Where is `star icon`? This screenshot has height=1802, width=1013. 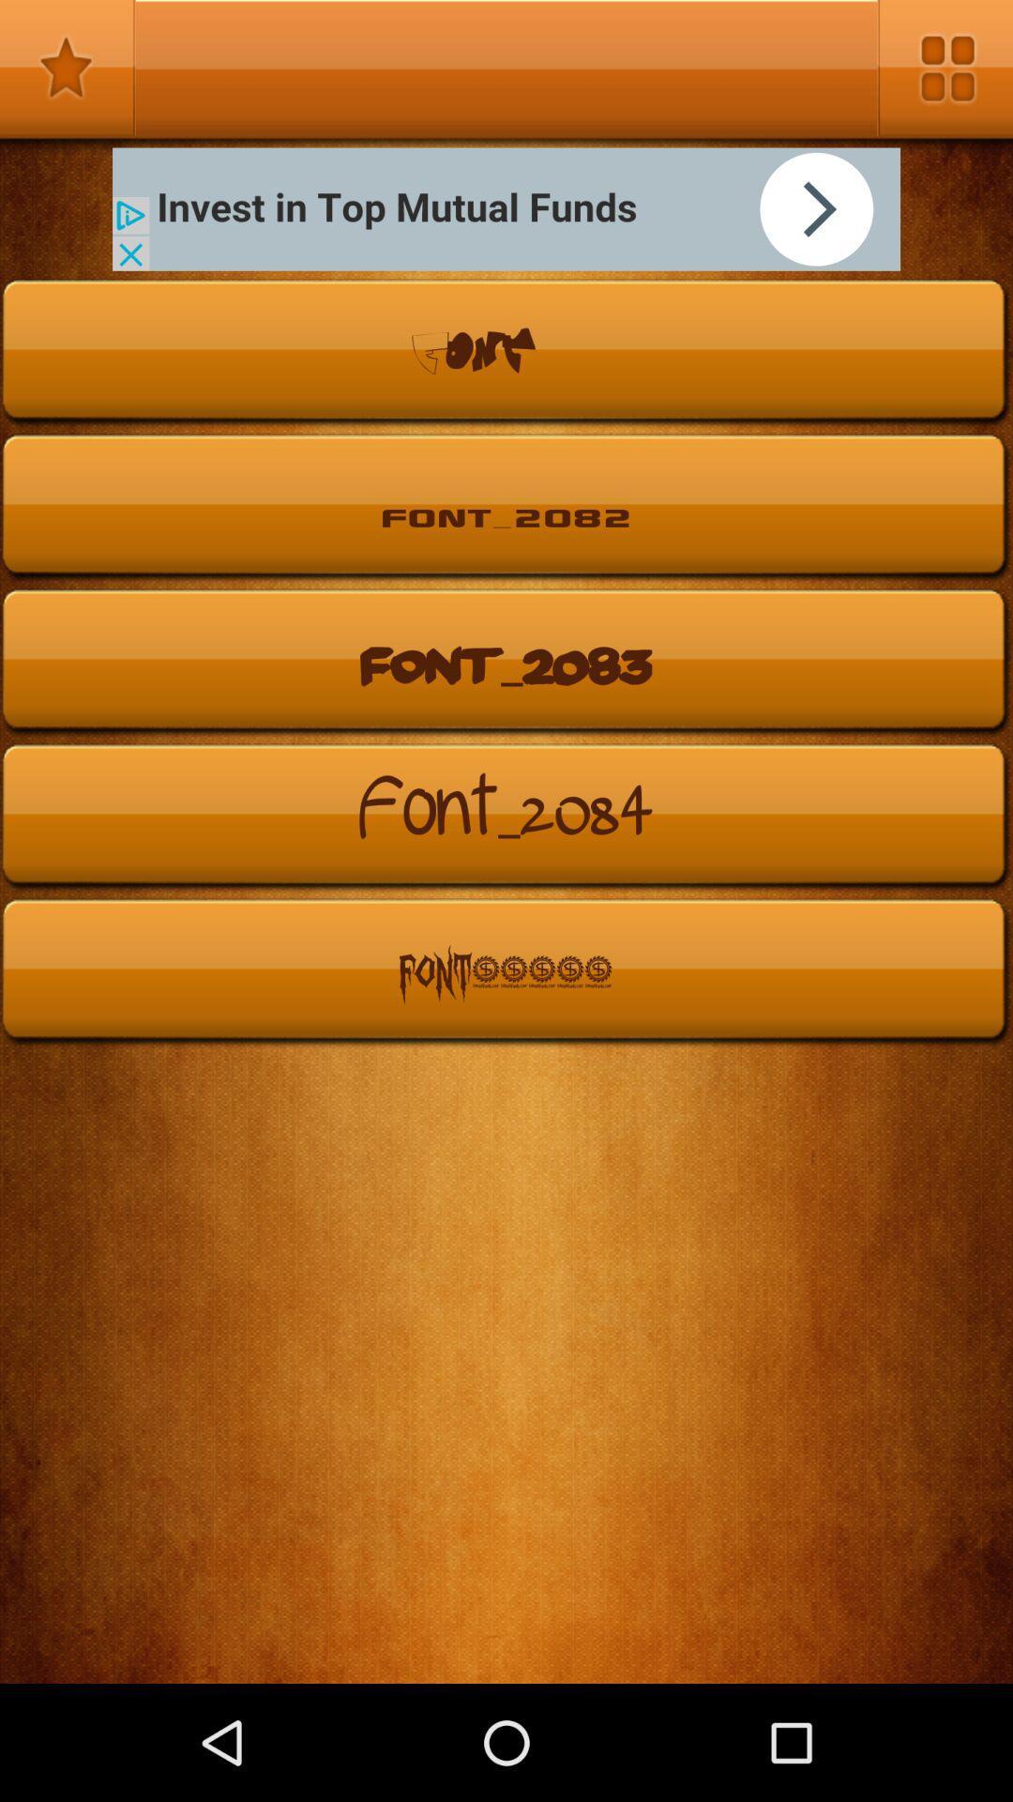
star icon is located at coordinates (67, 68).